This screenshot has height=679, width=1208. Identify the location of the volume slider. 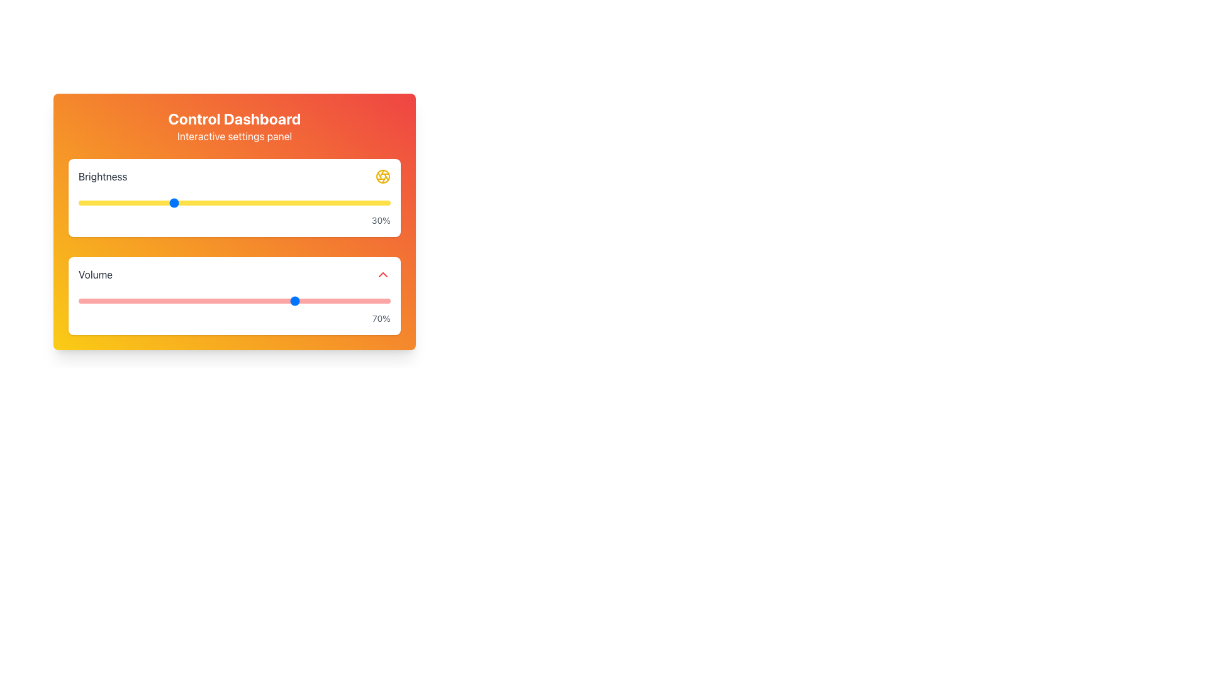
(174, 301).